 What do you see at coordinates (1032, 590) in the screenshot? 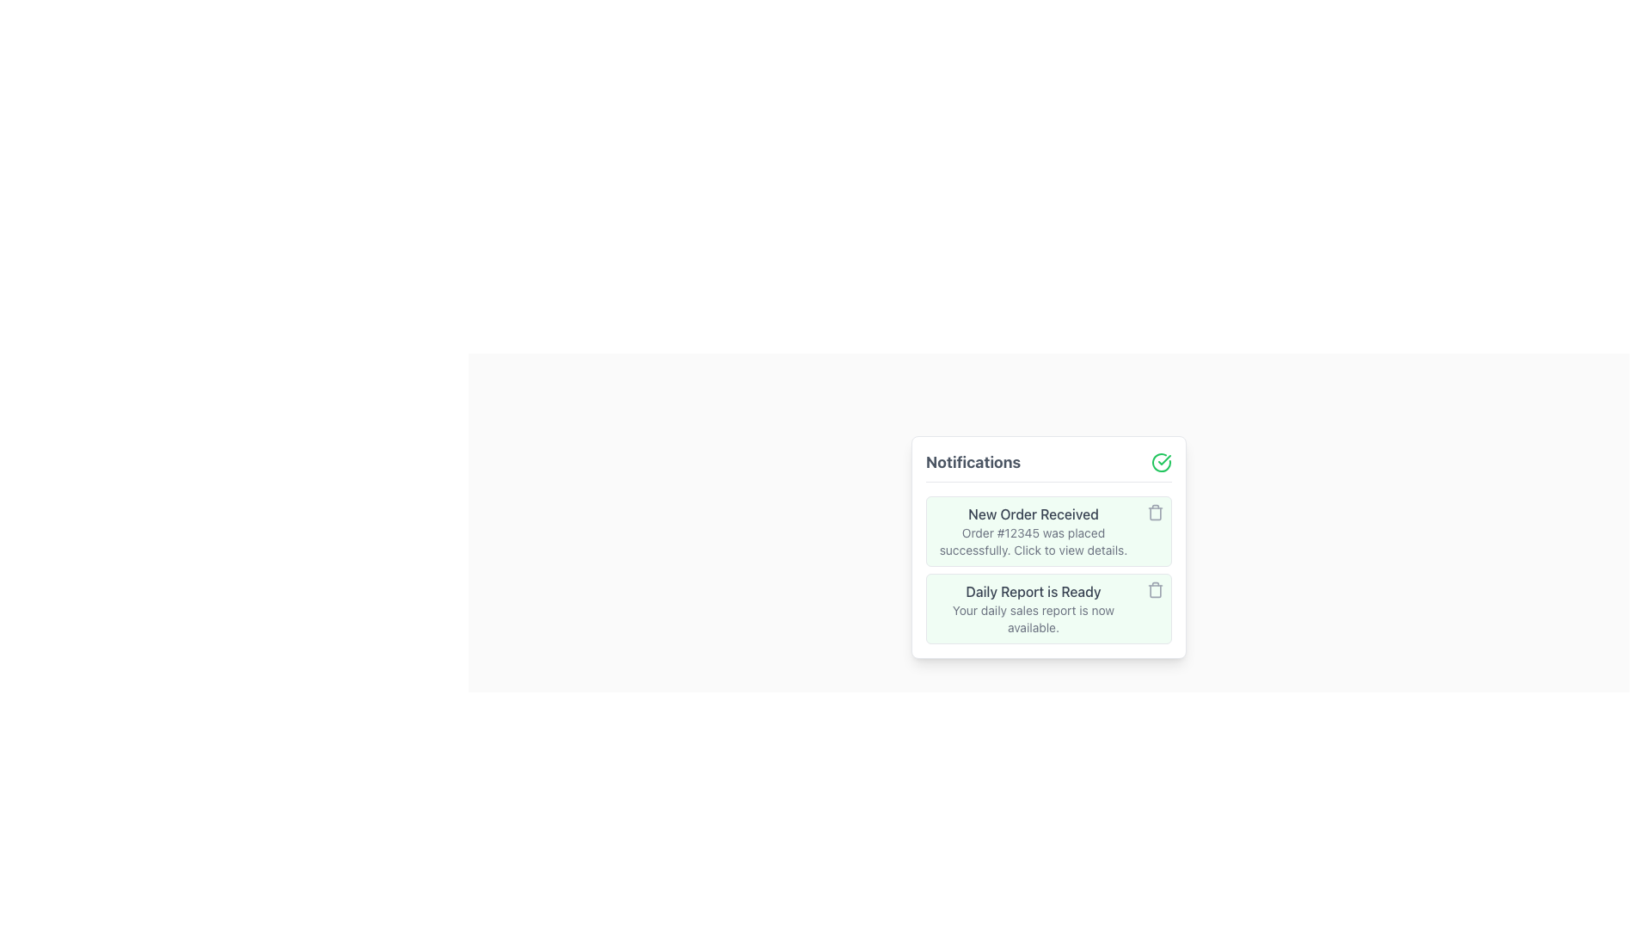
I see `the text element that reads 'Daily Report is Ready', which is styled in a medium-weight font and located inside the second notification card of the 'Notifications' list` at bounding box center [1032, 590].